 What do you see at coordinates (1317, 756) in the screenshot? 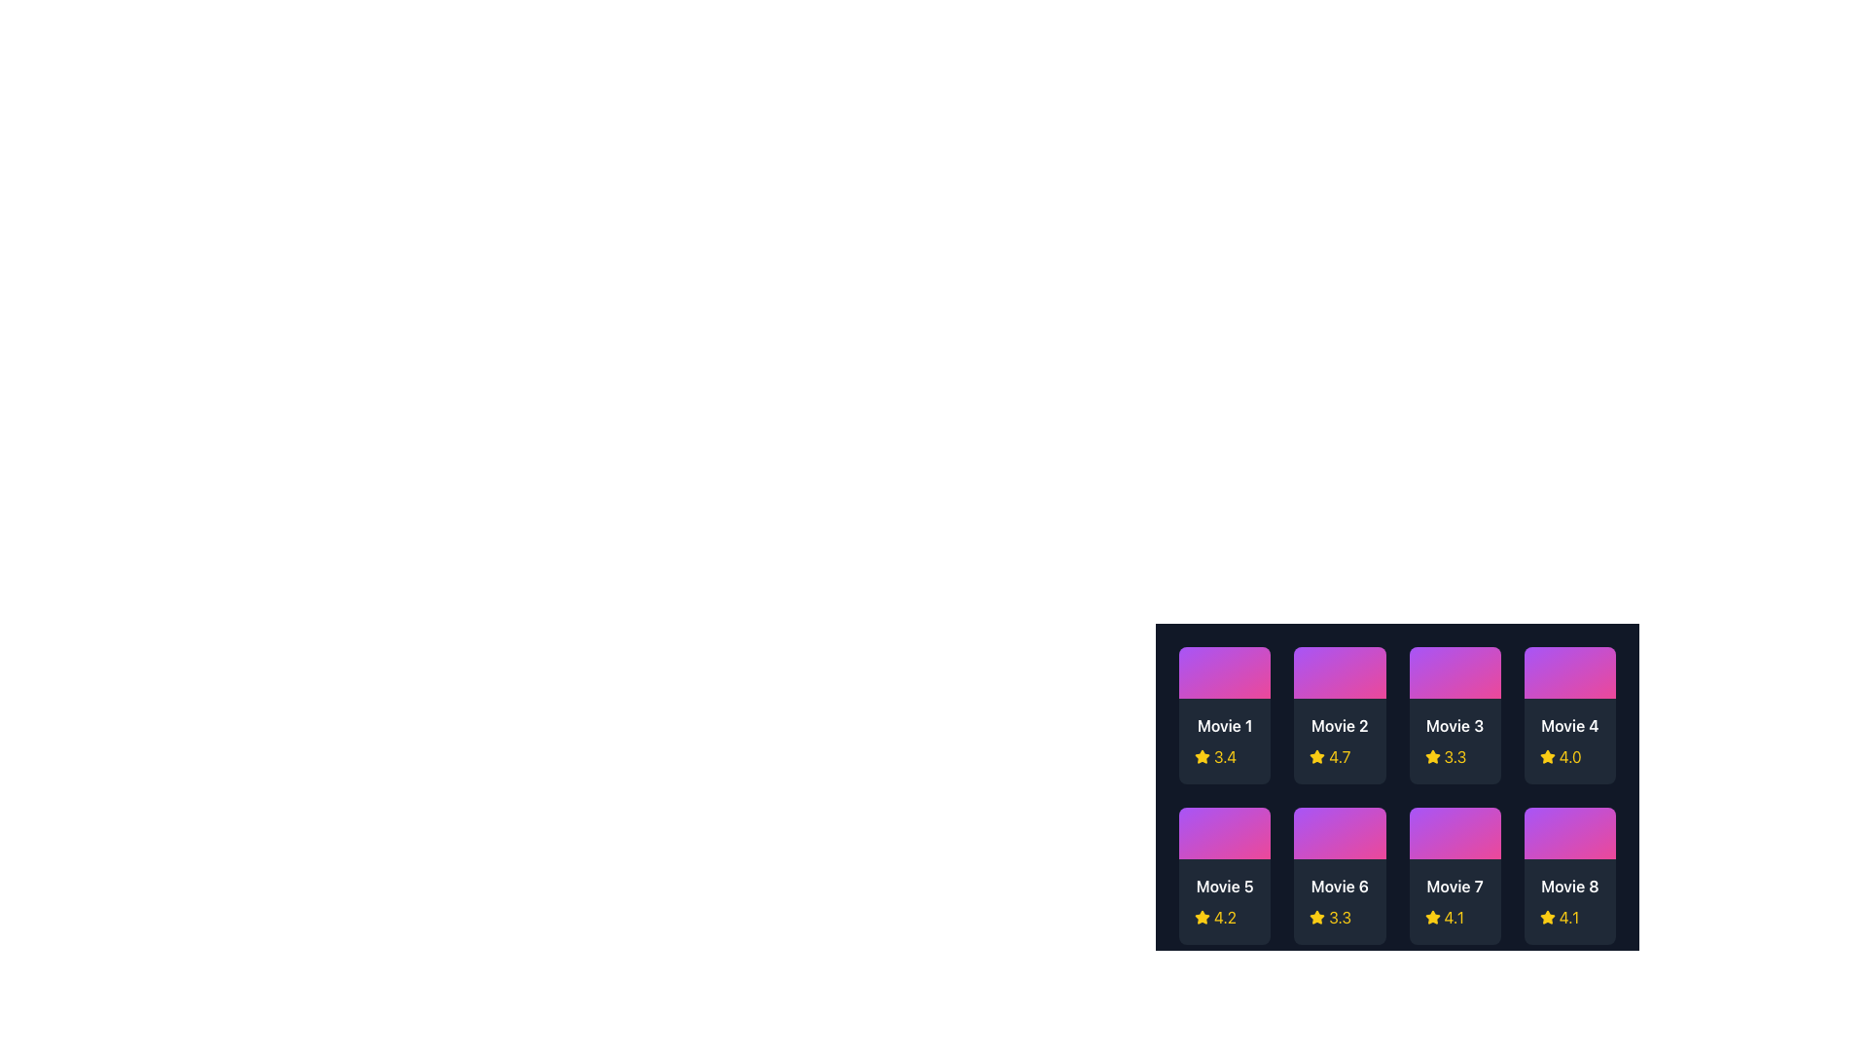
I see `the star icon representing the rating for 'Movie 2', which visually indicates a quality rating of '4.7'` at bounding box center [1317, 756].